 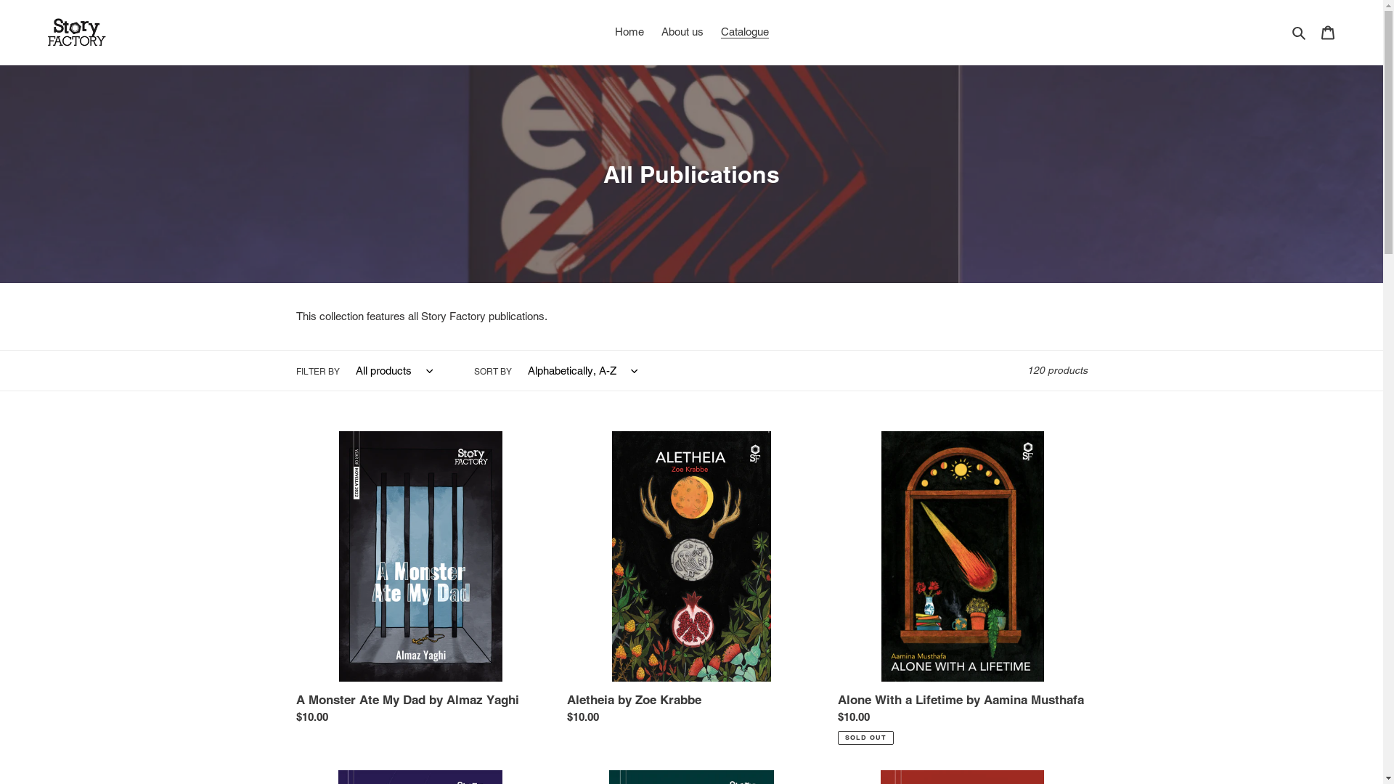 What do you see at coordinates (681, 32) in the screenshot?
I see `'About us'` at bounding box center [681, 32].